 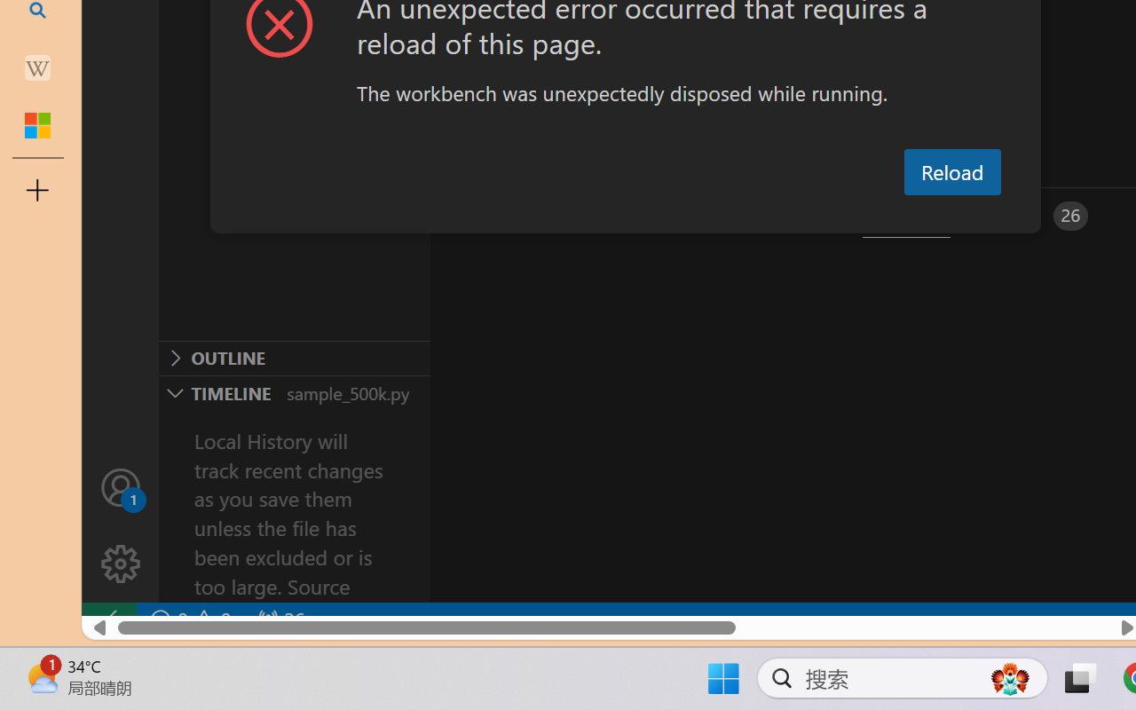 What do you see at coordinates (618, 215) in the screenshot?
I see `'Output (Ctrl+Shift+U)'` at bounding box center [618, 215].